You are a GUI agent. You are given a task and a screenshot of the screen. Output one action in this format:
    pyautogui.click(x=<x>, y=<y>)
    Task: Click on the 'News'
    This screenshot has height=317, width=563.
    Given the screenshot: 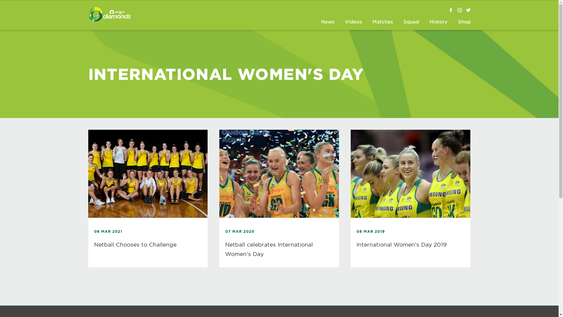 What is the action you would take?
    pyautogui.click(x=327, y=22)
    